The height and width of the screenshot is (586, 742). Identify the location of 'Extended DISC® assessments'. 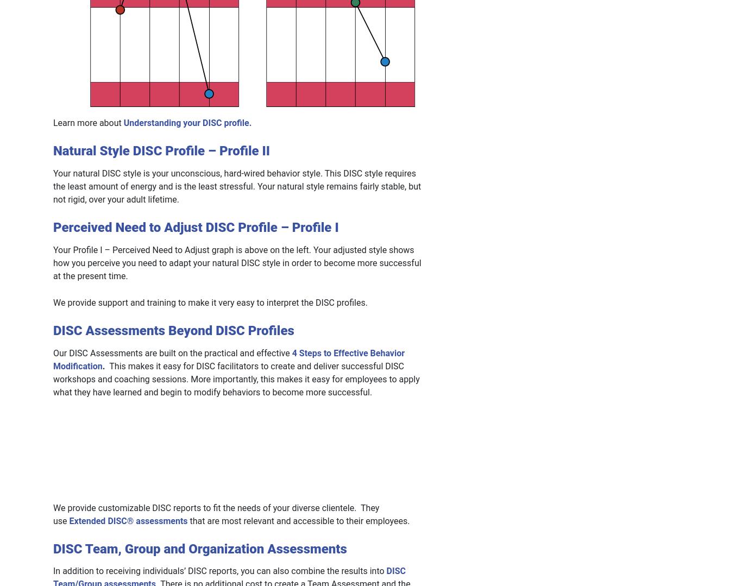
(128, 520).